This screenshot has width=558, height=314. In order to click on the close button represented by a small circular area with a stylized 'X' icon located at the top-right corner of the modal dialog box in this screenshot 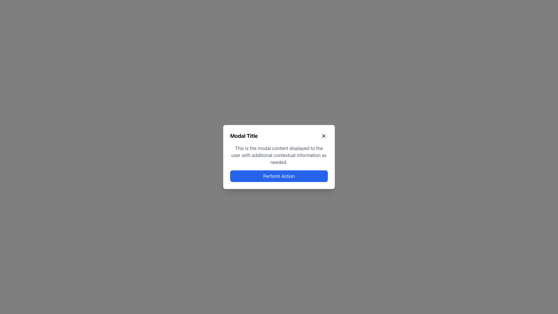, I will do `click(323, 136)`.